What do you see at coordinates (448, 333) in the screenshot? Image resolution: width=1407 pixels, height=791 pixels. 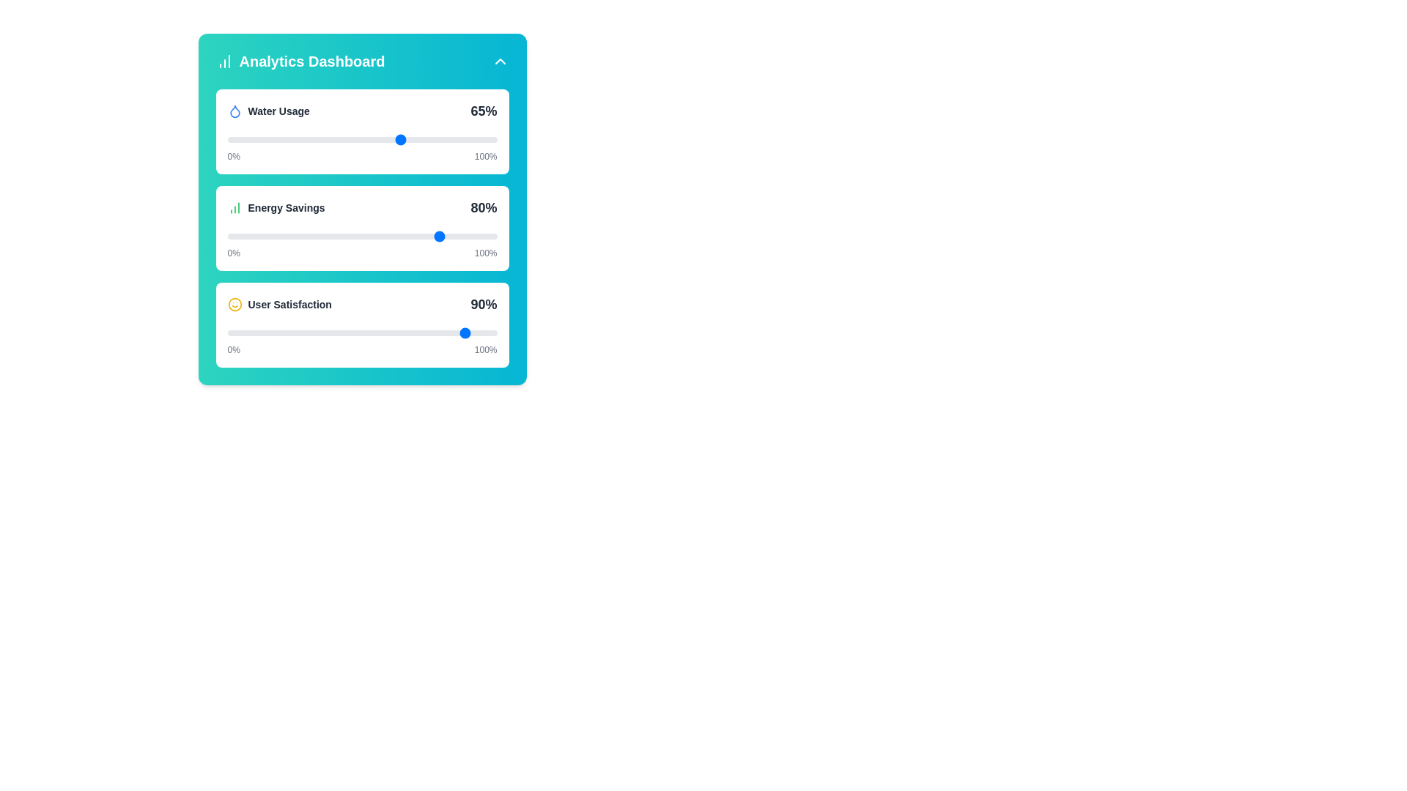 I see `User Satisfaction` at bounding box center [448, 333].